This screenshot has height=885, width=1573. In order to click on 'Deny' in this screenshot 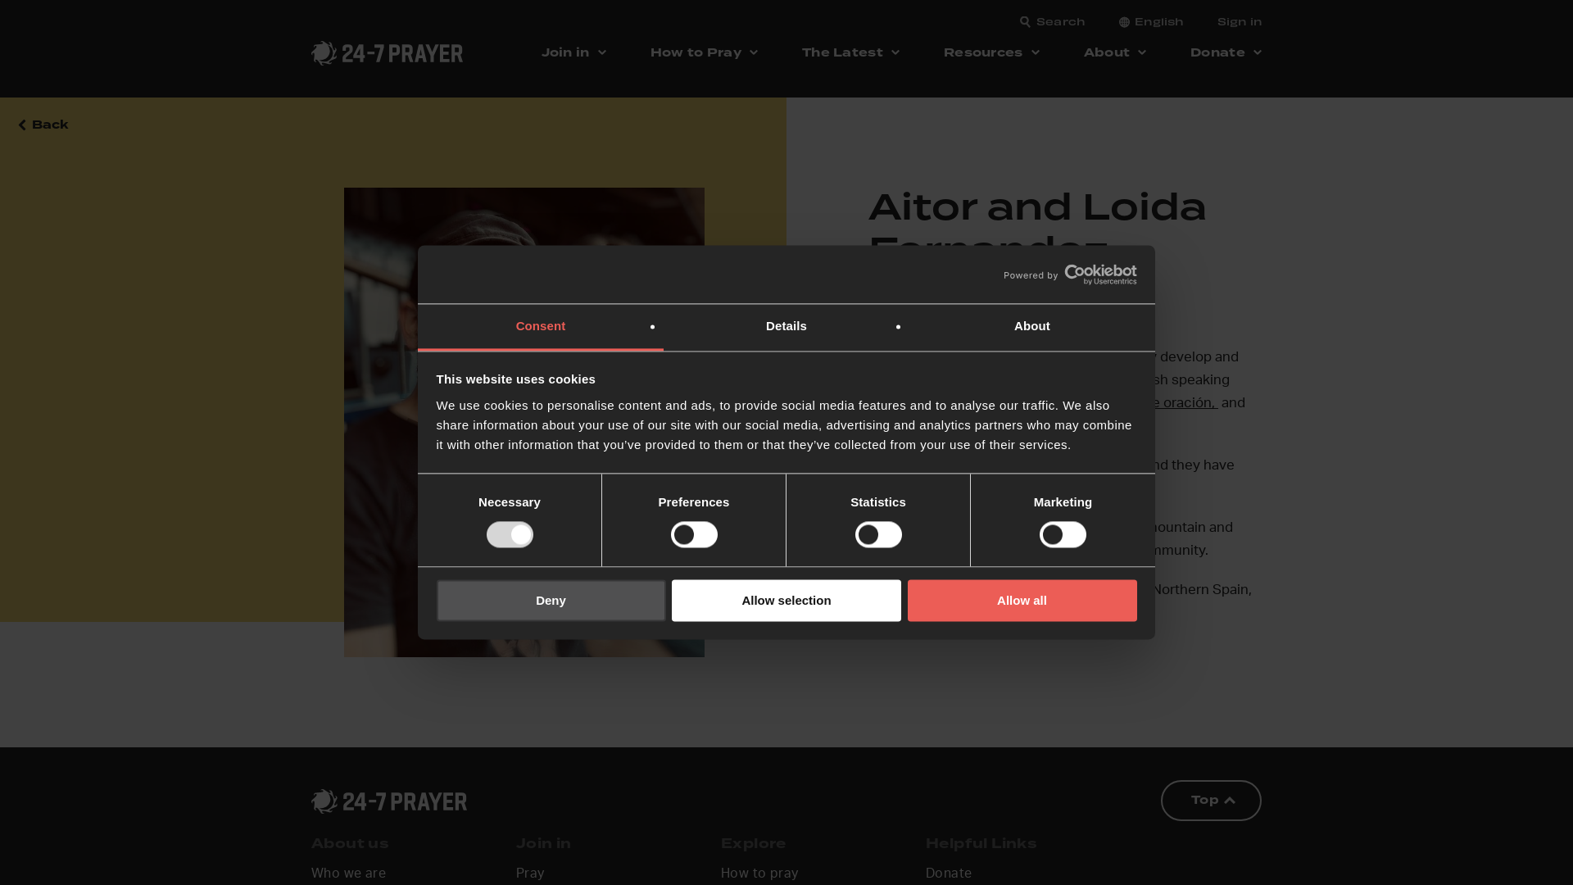, I will do `click(551, 600)`.